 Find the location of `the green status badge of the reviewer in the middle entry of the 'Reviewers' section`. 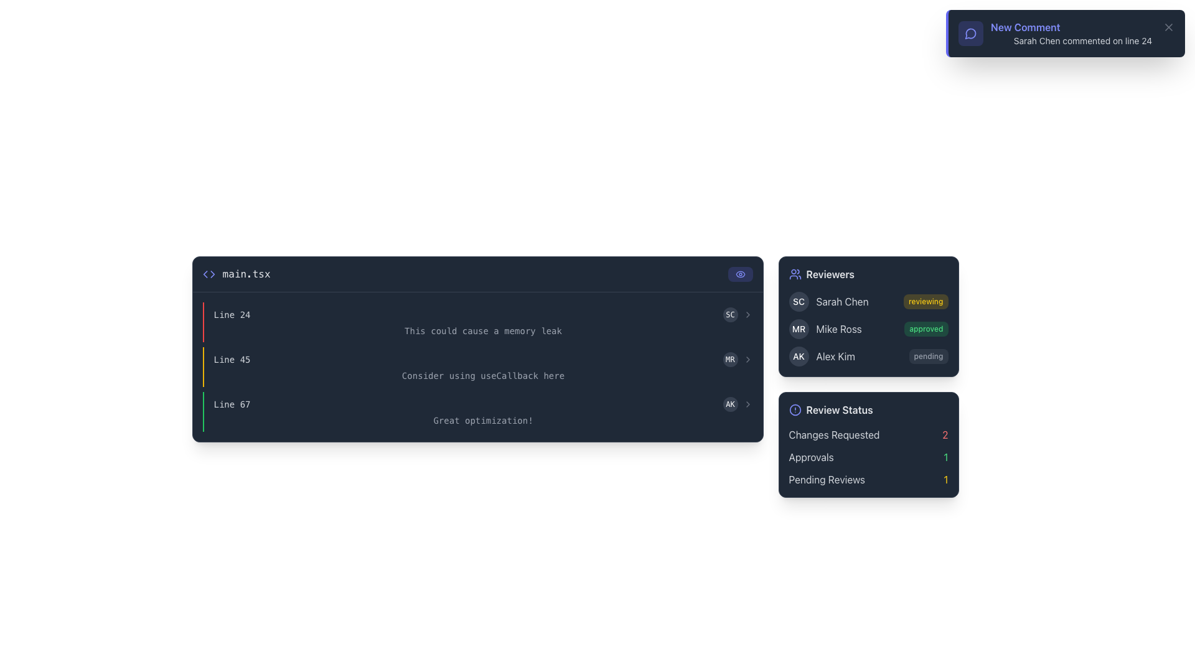

the green status badge of the reviewer in the middle entry of the 'Reviewers' section is located at coordinates (868, 328).